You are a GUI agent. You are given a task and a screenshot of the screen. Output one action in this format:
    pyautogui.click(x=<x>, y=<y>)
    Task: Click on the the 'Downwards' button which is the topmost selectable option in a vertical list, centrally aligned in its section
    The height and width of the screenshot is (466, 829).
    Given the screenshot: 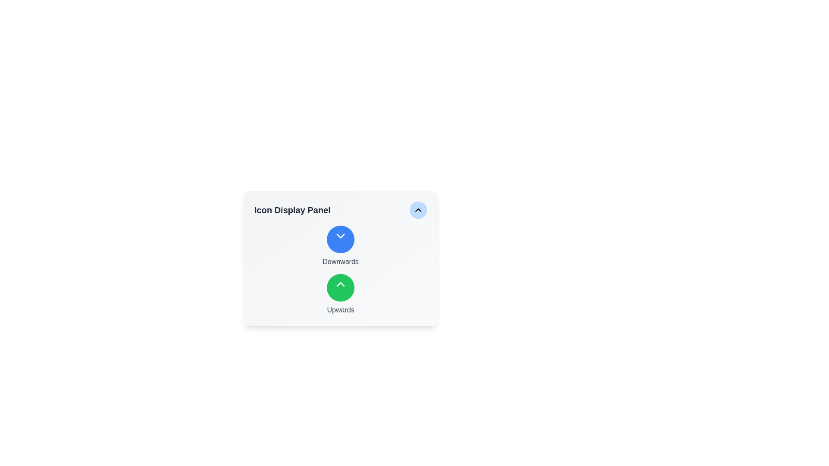 What is the action you would take?
    pyautogui.click(x=340, y=246)
    